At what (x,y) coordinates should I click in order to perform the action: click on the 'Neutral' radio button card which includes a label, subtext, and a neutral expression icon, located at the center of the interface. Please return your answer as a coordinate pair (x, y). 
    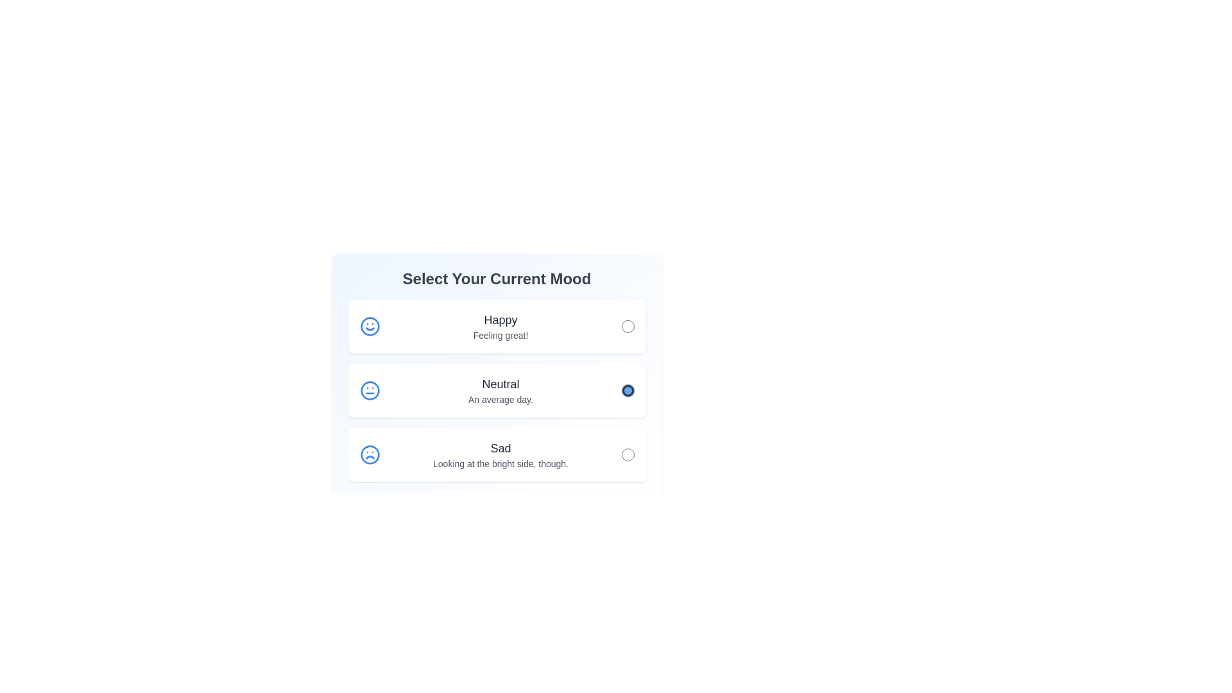
    Looking at the image, I should click on (496, 375).